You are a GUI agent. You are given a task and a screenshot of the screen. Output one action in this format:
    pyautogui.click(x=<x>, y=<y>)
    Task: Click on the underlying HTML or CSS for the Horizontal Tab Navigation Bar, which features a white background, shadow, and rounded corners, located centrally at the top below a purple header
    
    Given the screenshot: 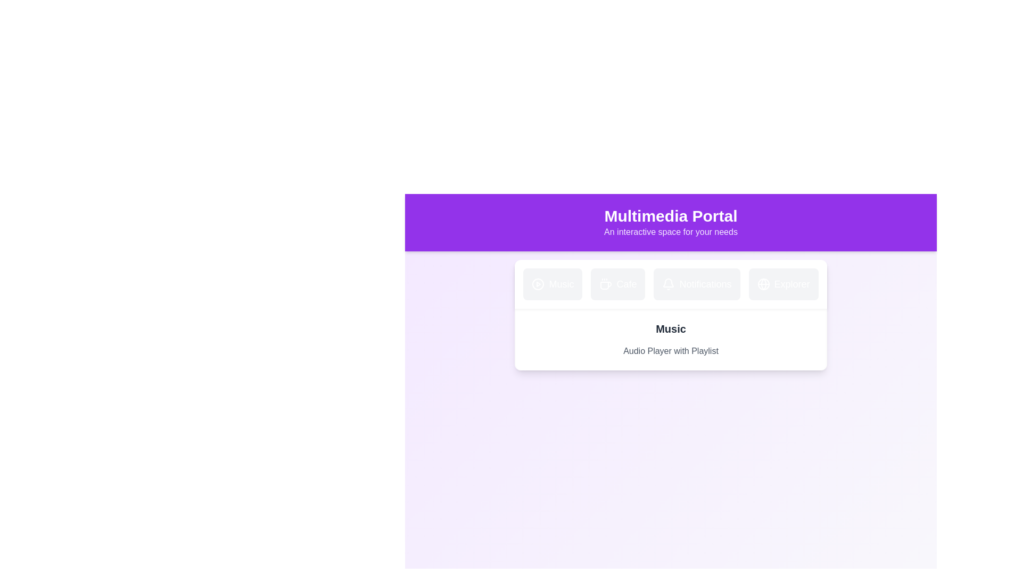 What is the action you would take?
    pyautogui.click(x=670, y=284)
    